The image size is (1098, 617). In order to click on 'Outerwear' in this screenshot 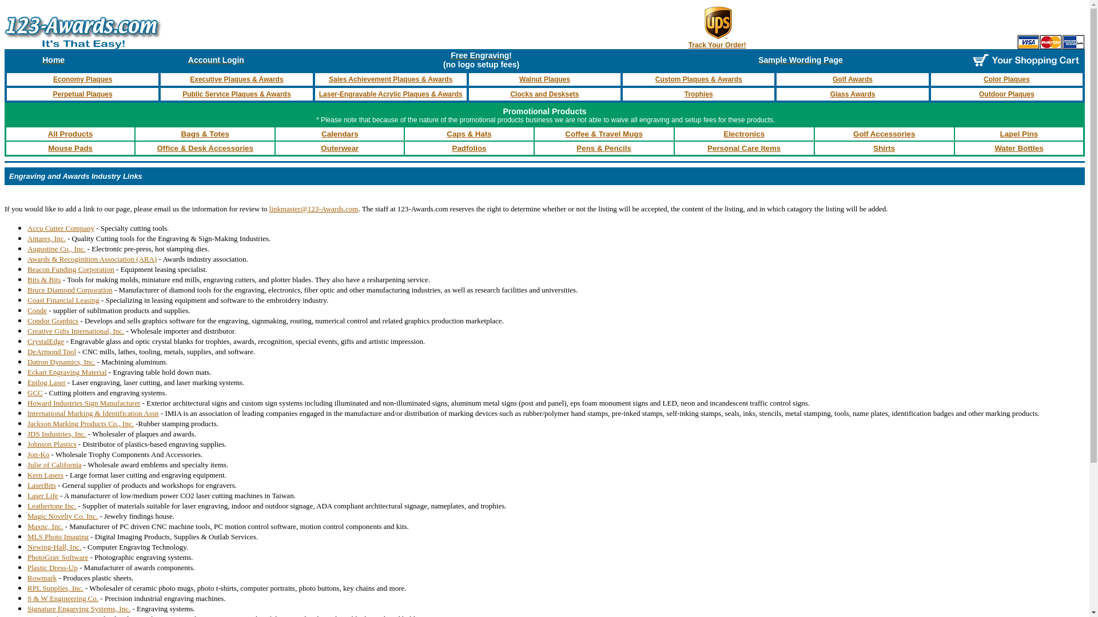, I will do `click(339, 147)`.